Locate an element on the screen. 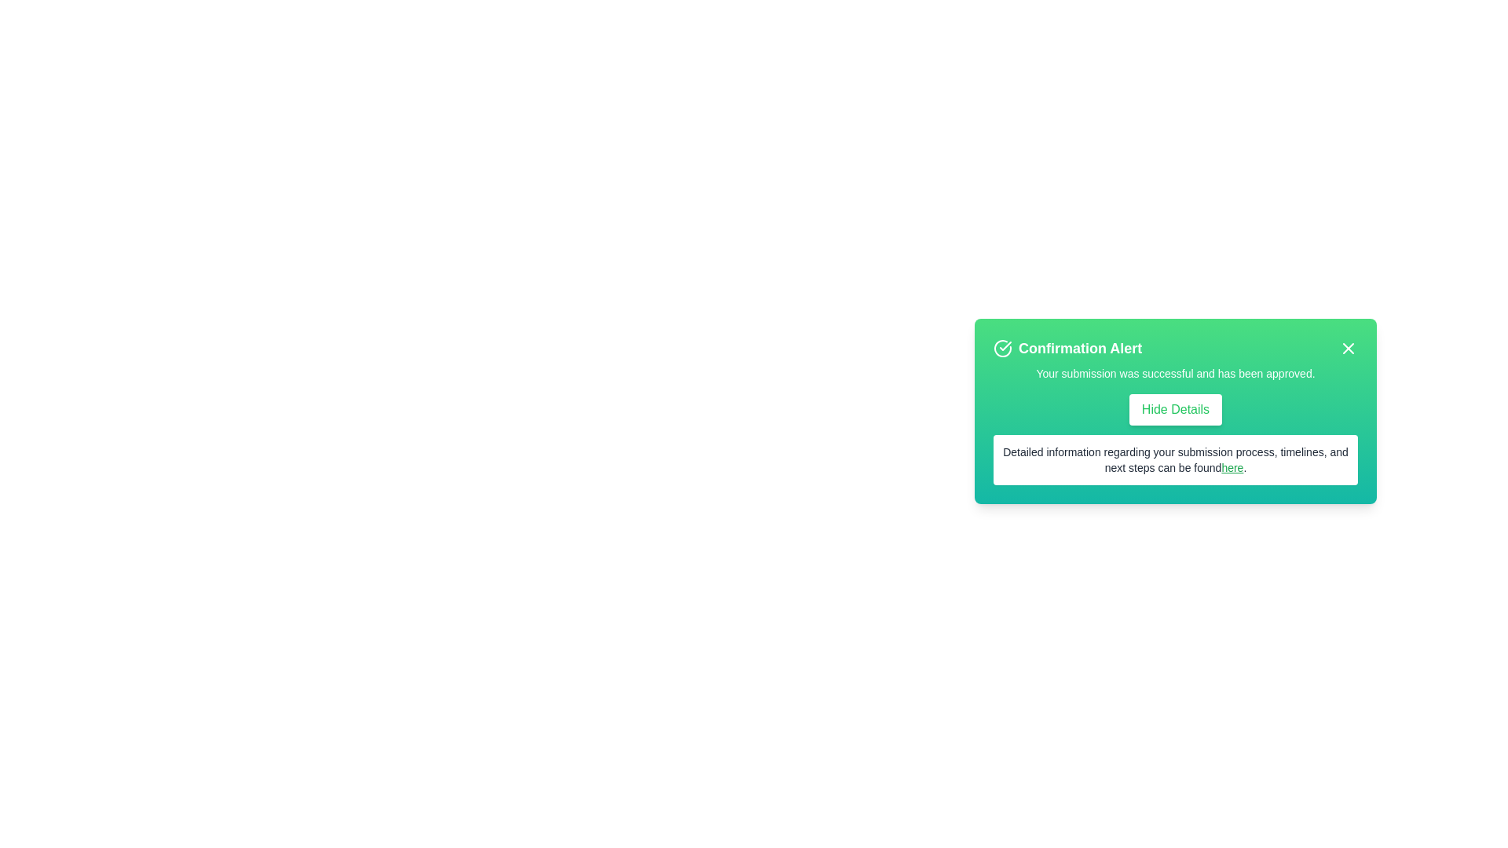 The image size is (1508, 848). the close button to dismiss the alert is located at coordinates (1348, 347).